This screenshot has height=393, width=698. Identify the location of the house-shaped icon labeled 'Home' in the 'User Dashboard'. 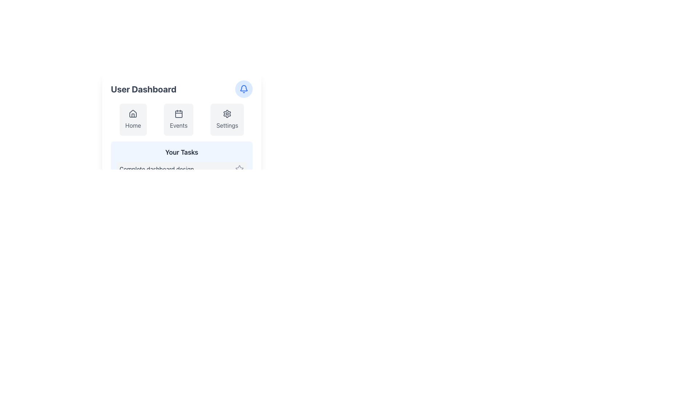
(133, 114).